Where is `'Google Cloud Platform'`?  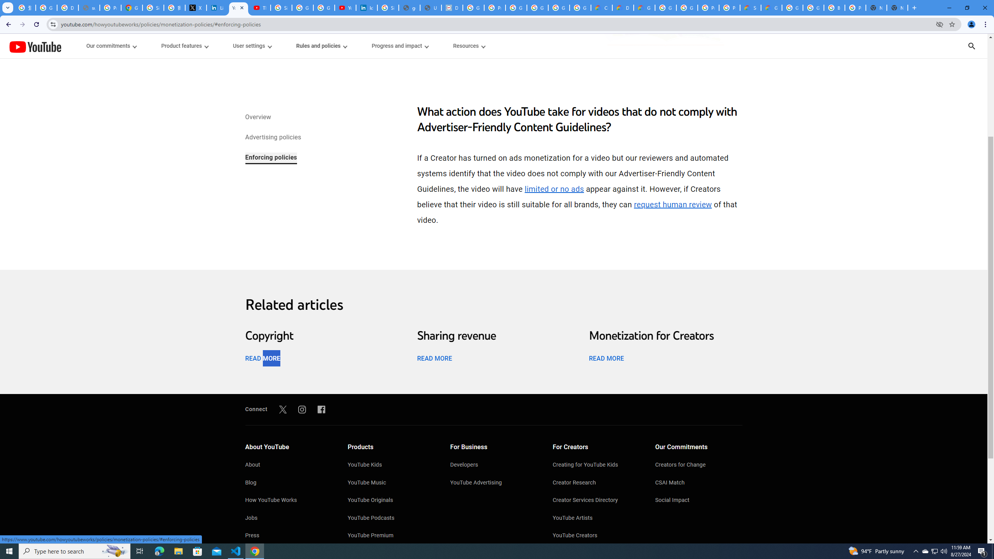 'Google Cloud Platform' is located at coordinates (665, 7).